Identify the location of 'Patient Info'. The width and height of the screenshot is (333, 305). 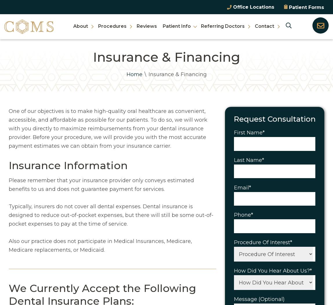
(176, 25).